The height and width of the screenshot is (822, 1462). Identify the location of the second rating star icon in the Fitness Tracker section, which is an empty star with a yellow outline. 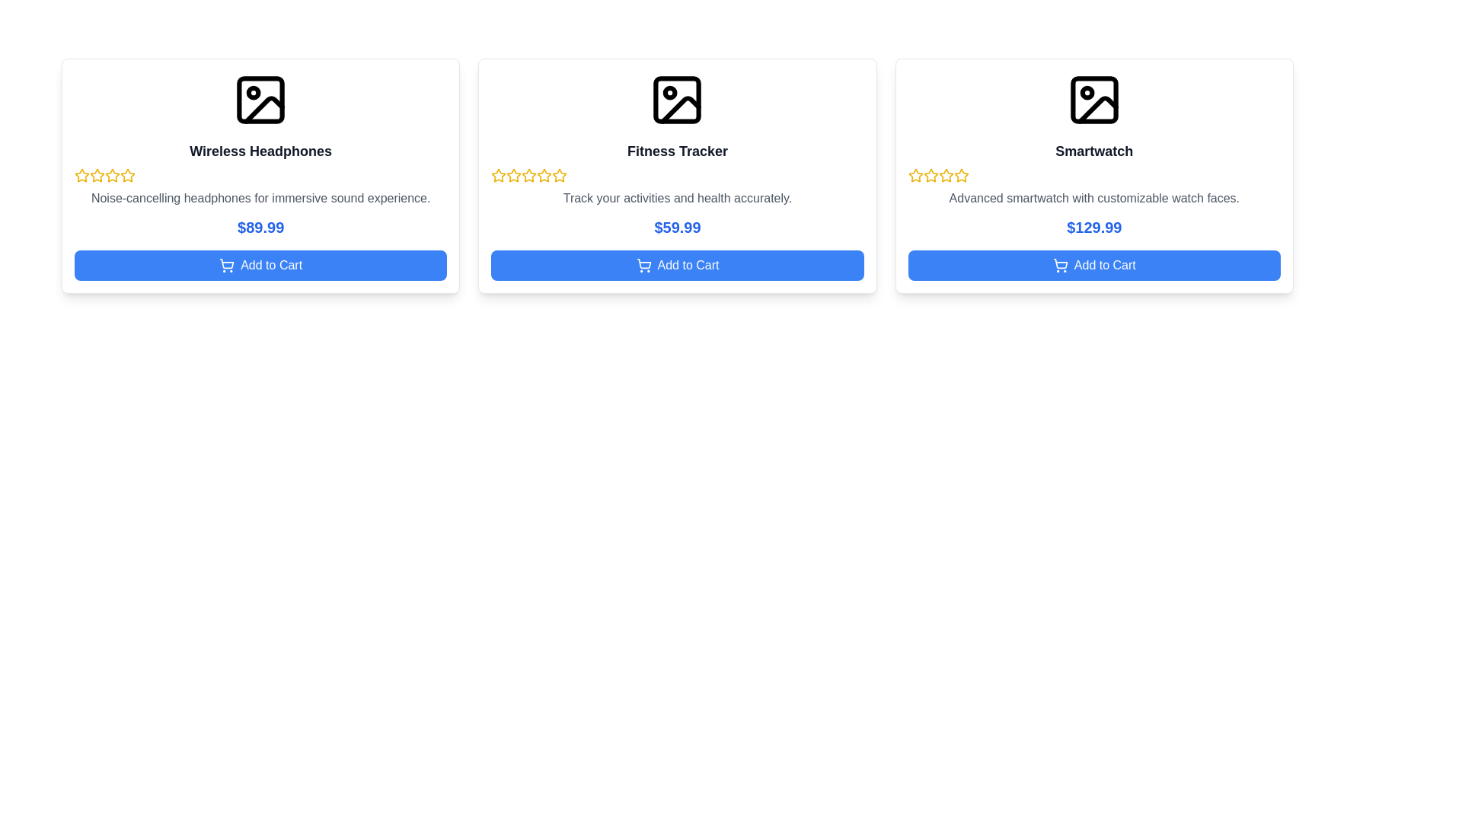
(514, 175).